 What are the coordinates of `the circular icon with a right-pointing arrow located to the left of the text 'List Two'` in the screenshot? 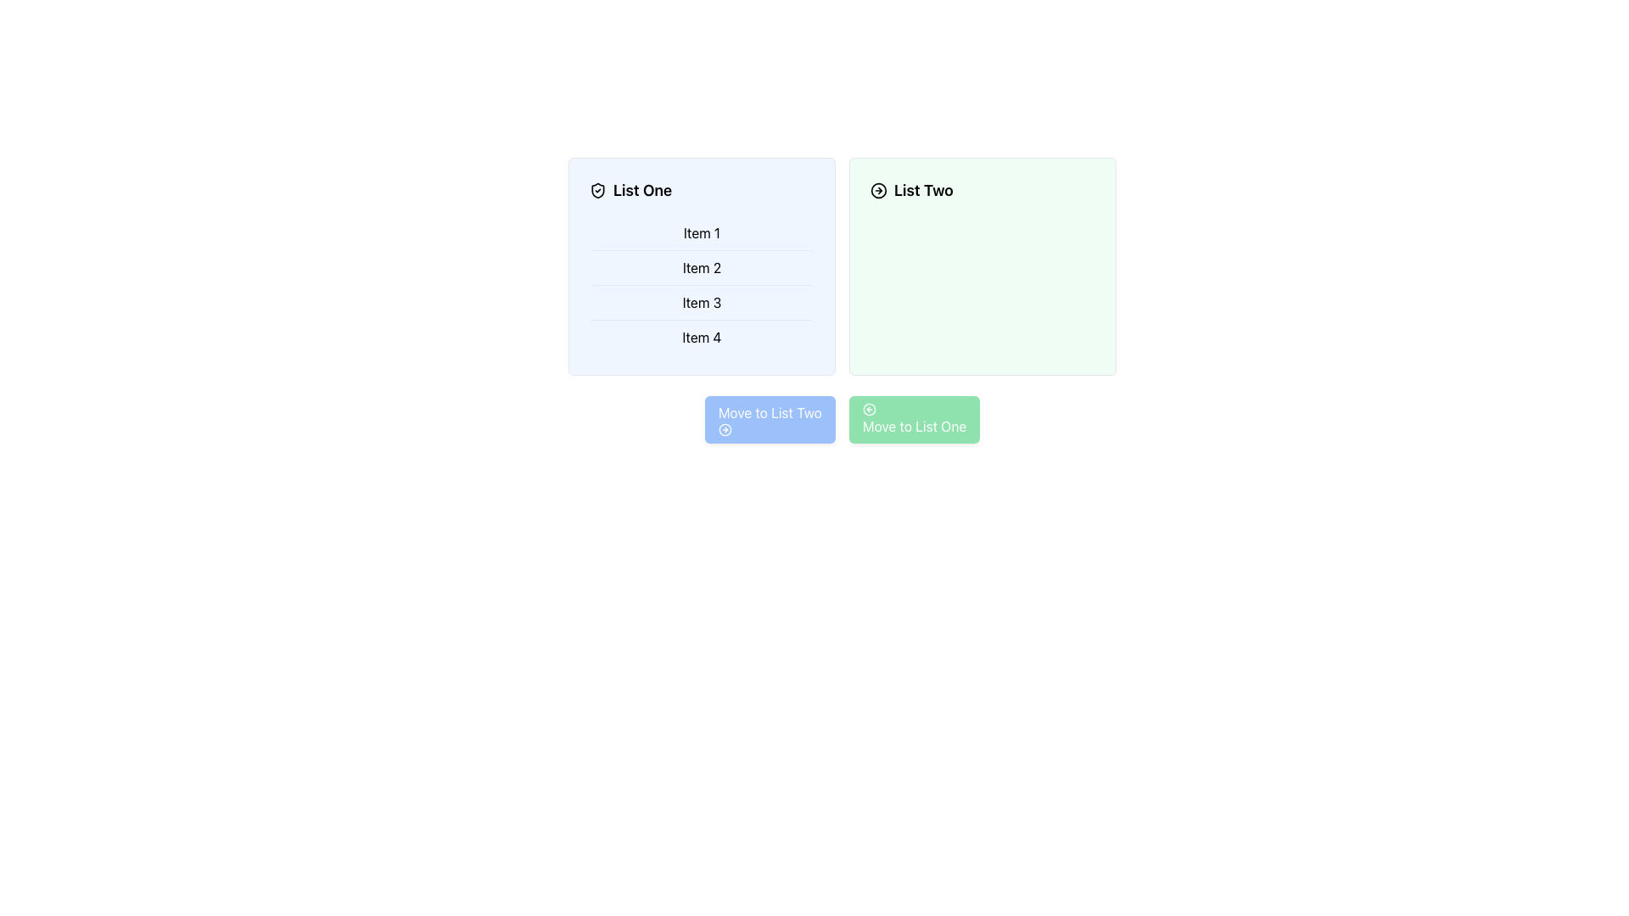 It's located at (879, 190).